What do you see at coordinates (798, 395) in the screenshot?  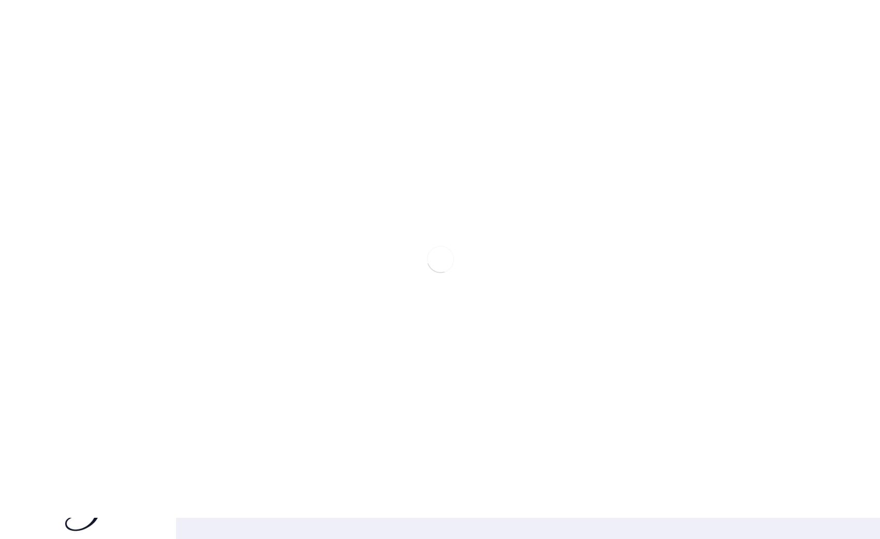 I see `'Leggi di più'` at bounding box center [798, 395].